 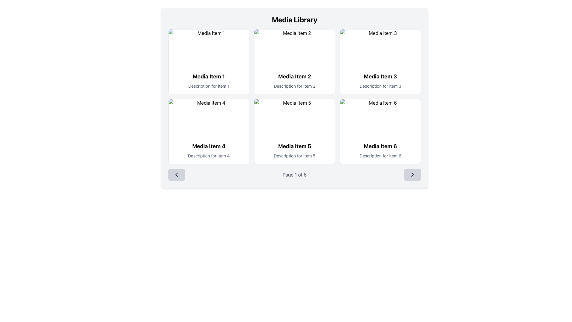 I want to click on the static text label displaying 'Description for item 2', located beneath the bold text 'Media Item 2' in the grid layout, so click(x=294, y=86).